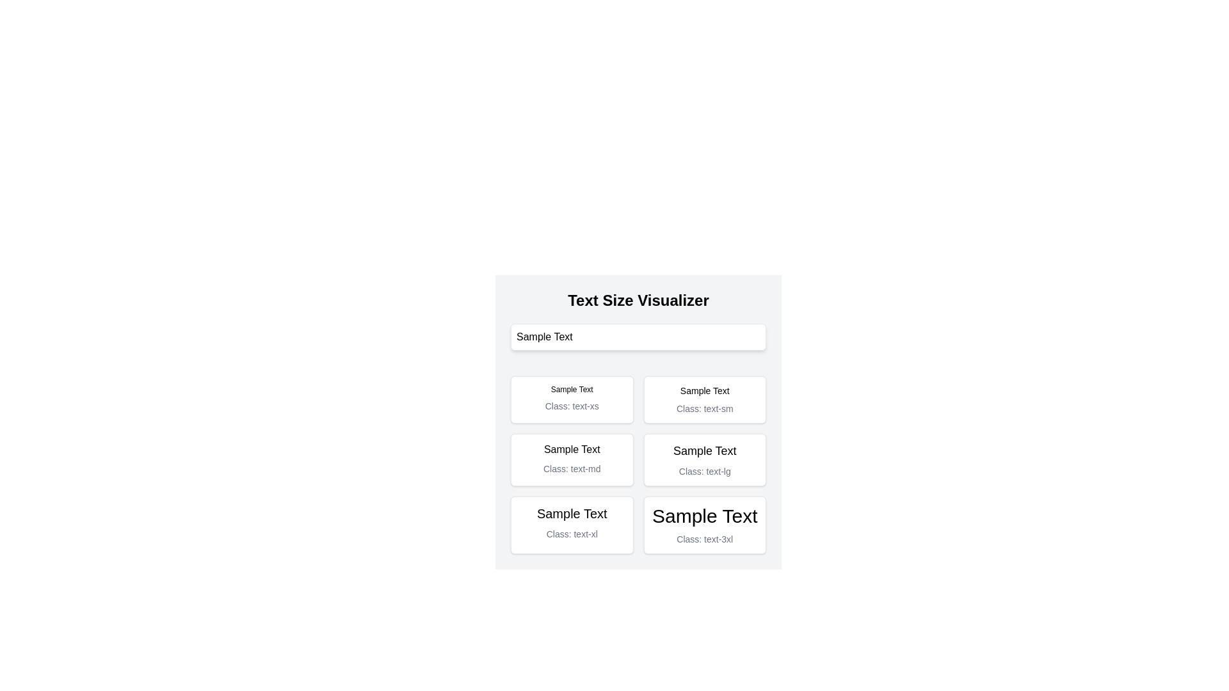  What do you see at coordinates (571, 459) in the screenshot?
I see `the rectangular card with a white background that contains the texts 'Sample Text' and 'Class: text-md', located in the second row, first column of the grid` at bounding box center [571, 459].